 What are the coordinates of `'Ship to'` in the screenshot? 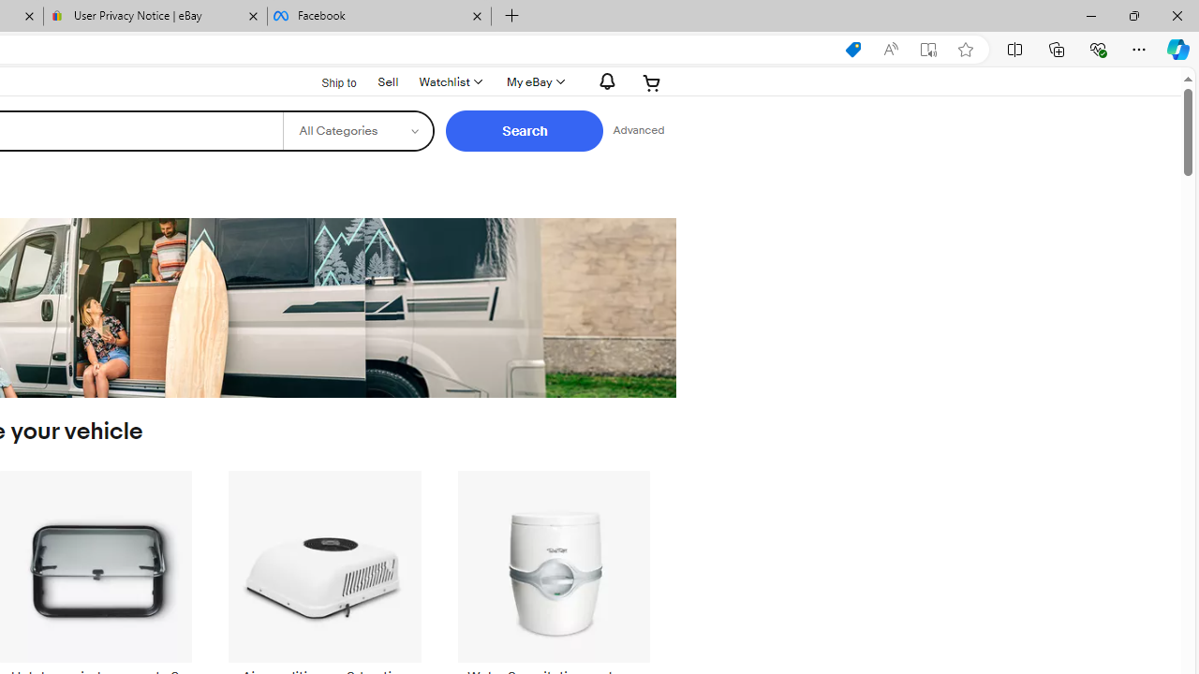 It's located at (327, 81).